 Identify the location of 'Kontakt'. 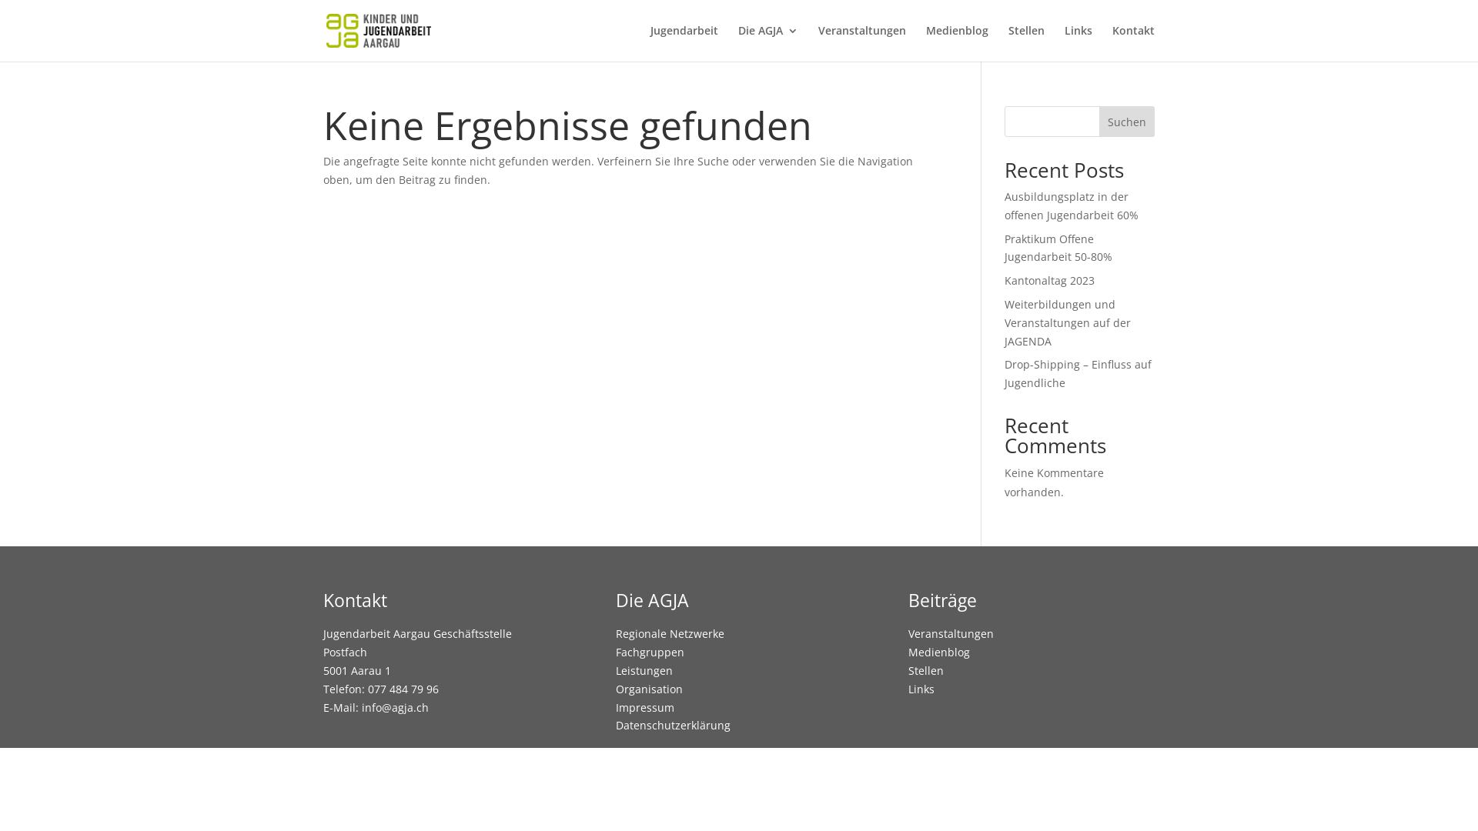
(1133, 42).